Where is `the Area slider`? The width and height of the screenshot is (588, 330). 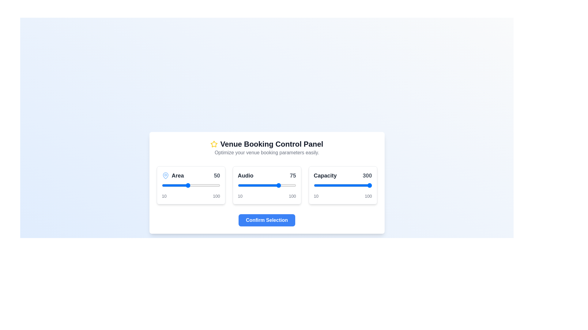
the Area slider is located at coordinates (196, 185).